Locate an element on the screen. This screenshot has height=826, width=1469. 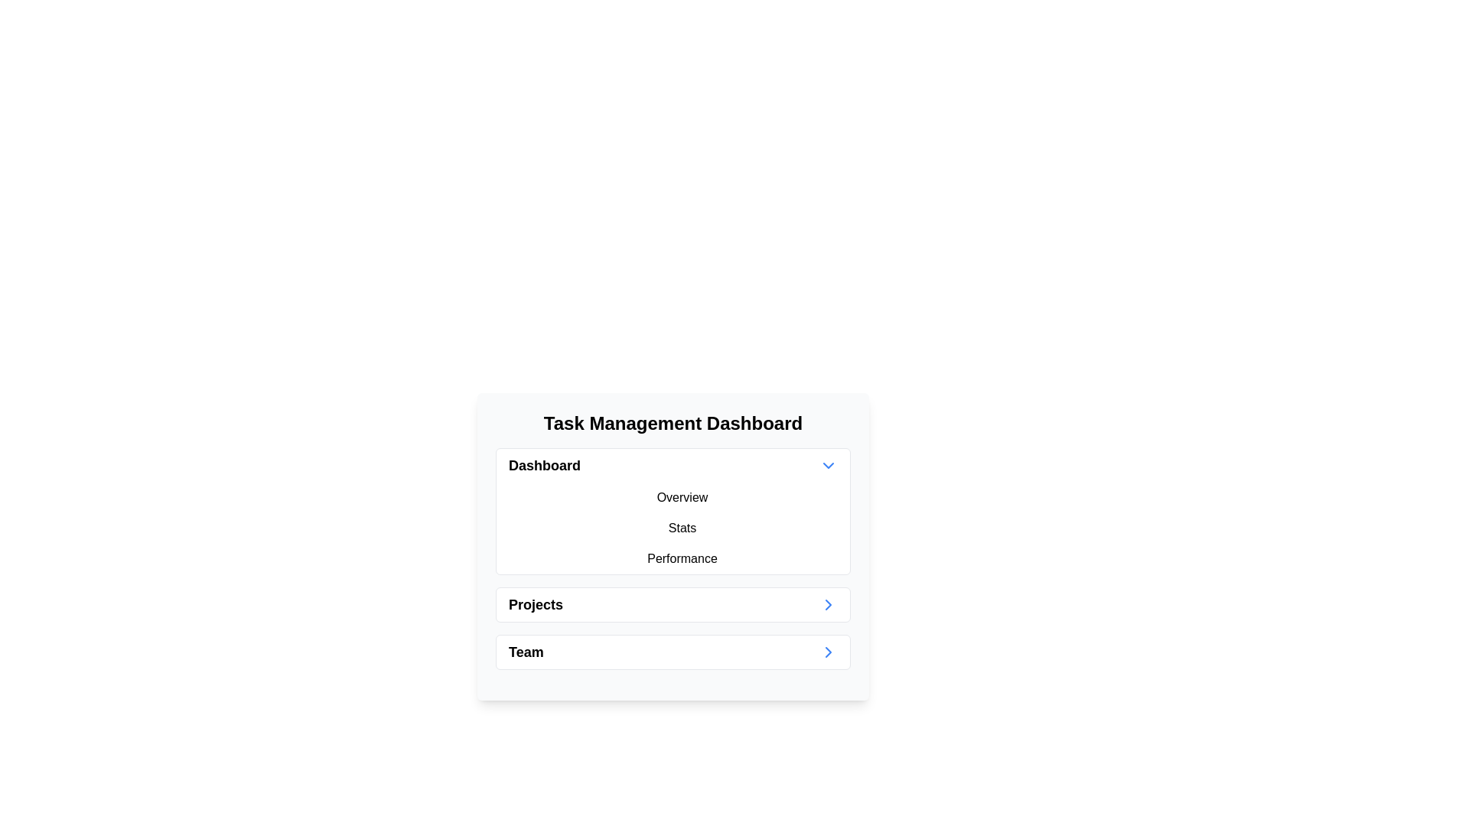
the 'Team' button located at the bottom of the vertically stacked list is located at coordinates (673, 652).